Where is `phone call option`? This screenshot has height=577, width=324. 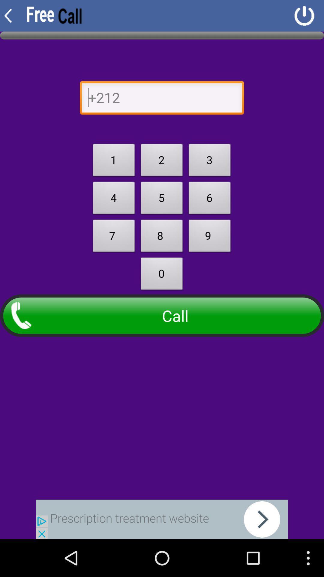
phone call option is located at coordinates (162, 99).